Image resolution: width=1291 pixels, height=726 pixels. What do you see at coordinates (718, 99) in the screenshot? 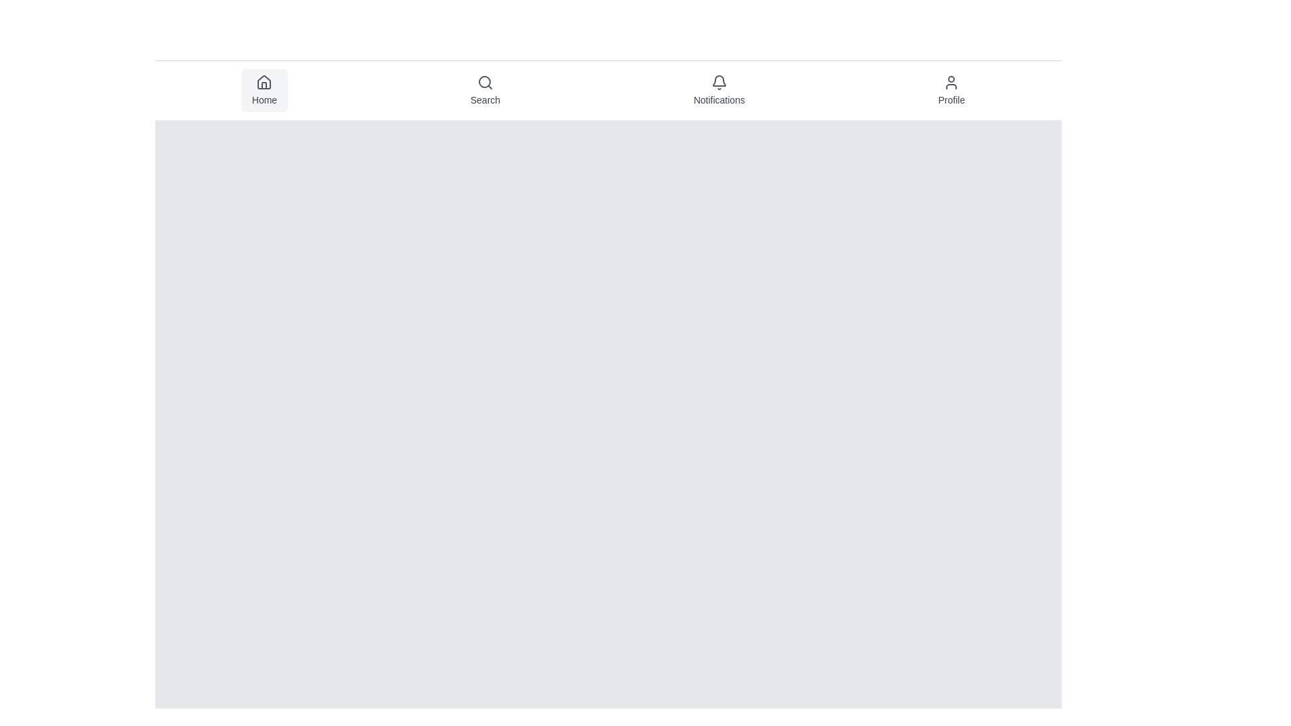
I see `the Notifications label area, which is a gray text element displaying 'Notifications' located beneath the bell icon in the top navigation bar` at bounding box center [718, 99].